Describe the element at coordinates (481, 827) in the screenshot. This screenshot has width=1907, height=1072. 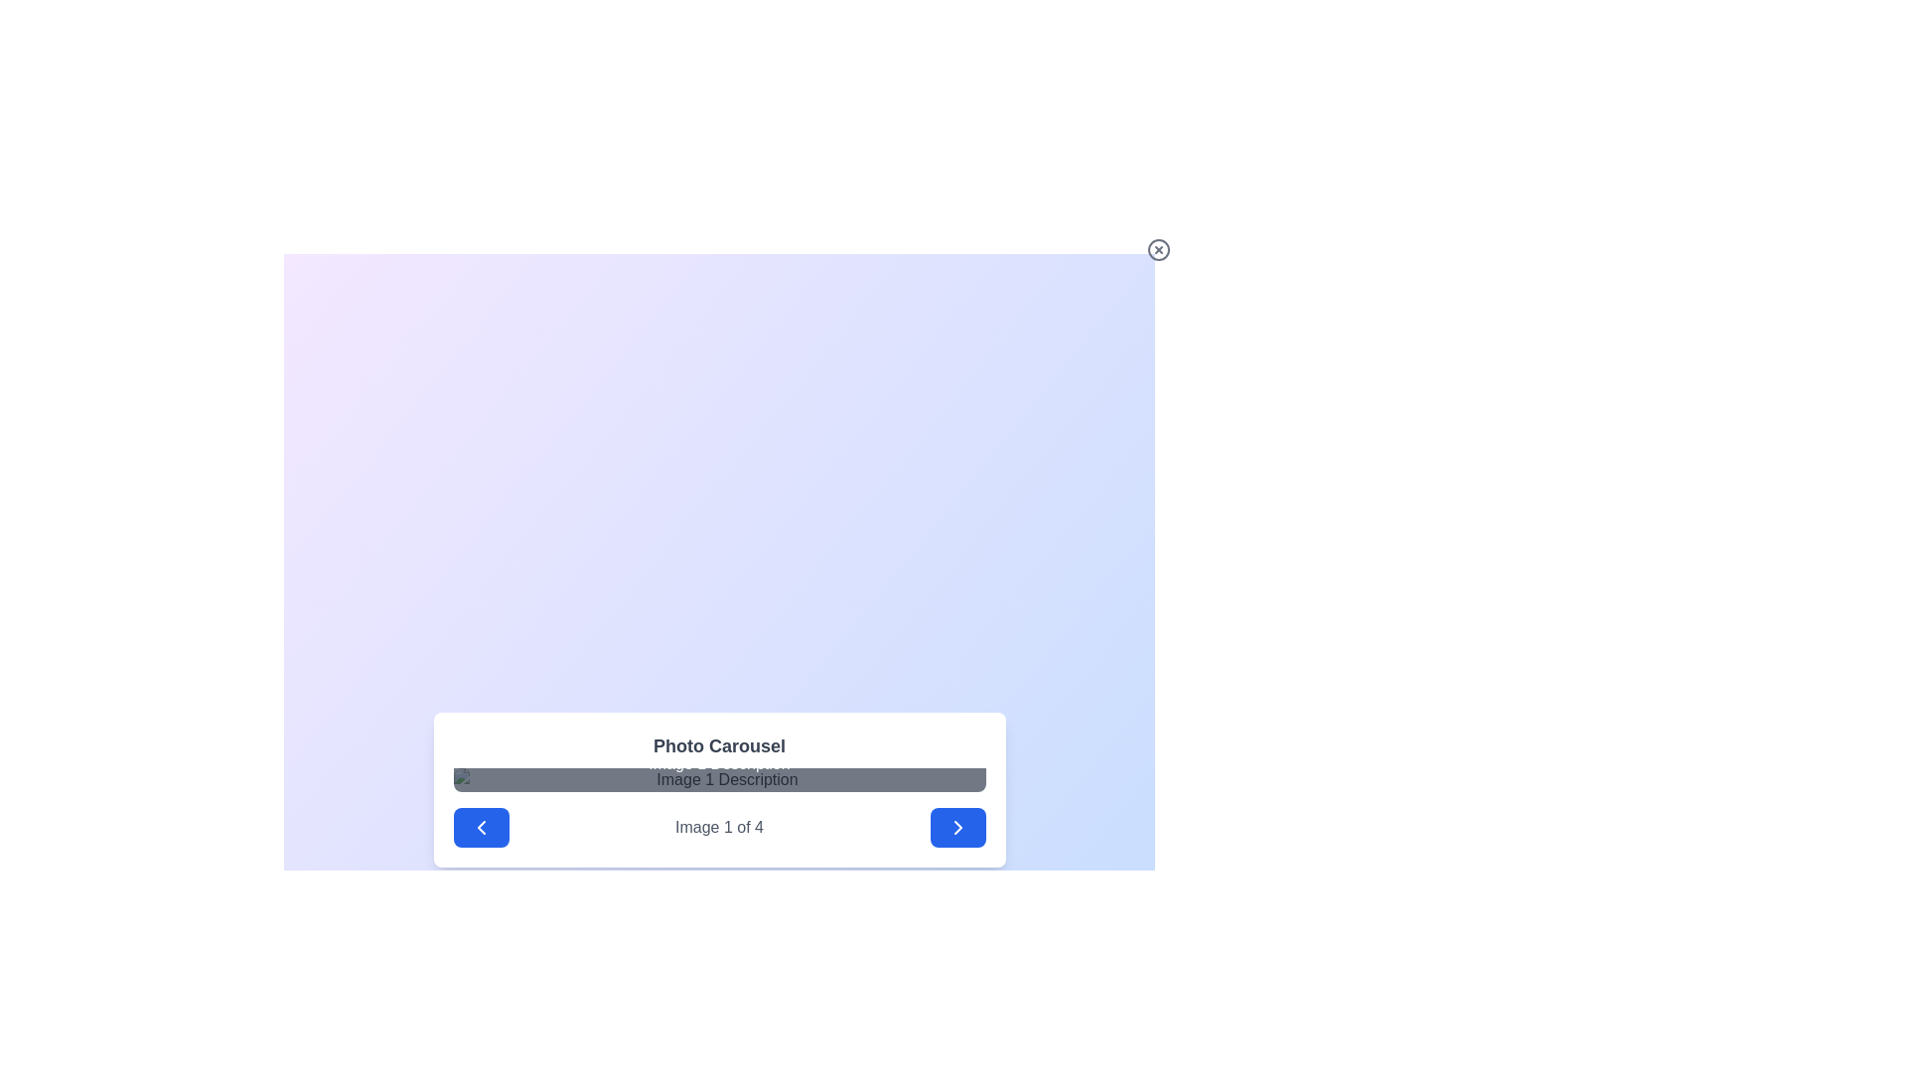
I see `the Chevron left icon located inside the blue circular button at the bottom-left corner of the photo carousel` at that location.